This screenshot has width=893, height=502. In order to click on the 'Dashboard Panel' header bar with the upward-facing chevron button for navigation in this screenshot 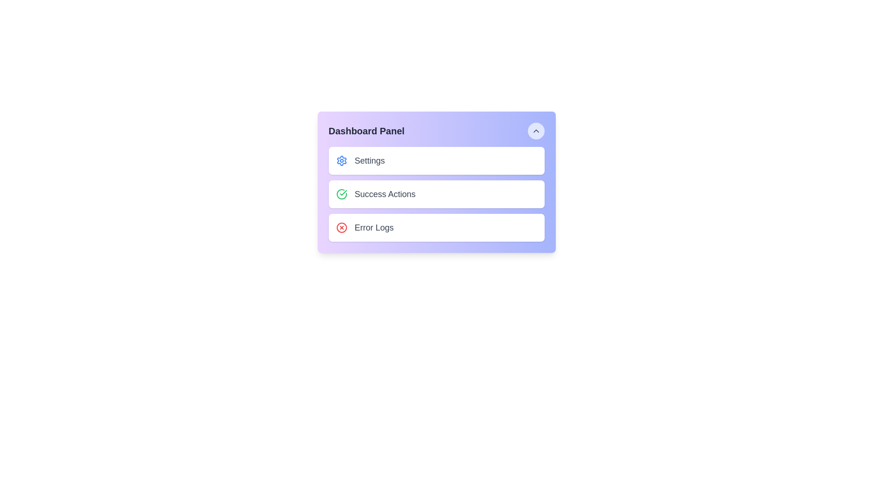, I will do `click(436, 131)`.